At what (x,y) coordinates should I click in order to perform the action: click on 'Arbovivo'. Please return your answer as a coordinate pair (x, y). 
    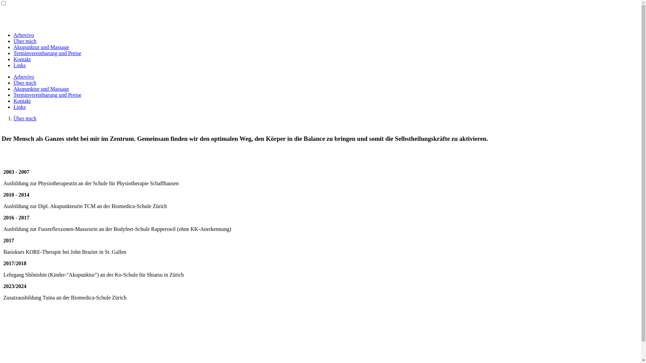
    Looking at the image, I should click on (13, 76).